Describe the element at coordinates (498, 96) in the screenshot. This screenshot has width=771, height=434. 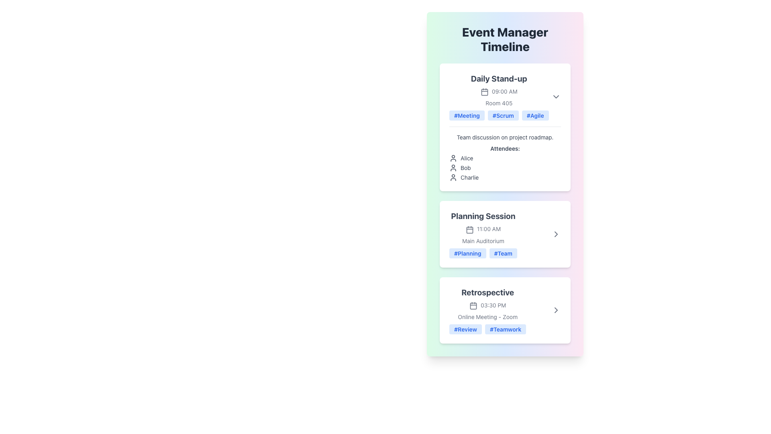
I see `event name from the group titled 'Daily Stand-up', which includes the time '09:00 AM' and location 'Room 405'` at that location.